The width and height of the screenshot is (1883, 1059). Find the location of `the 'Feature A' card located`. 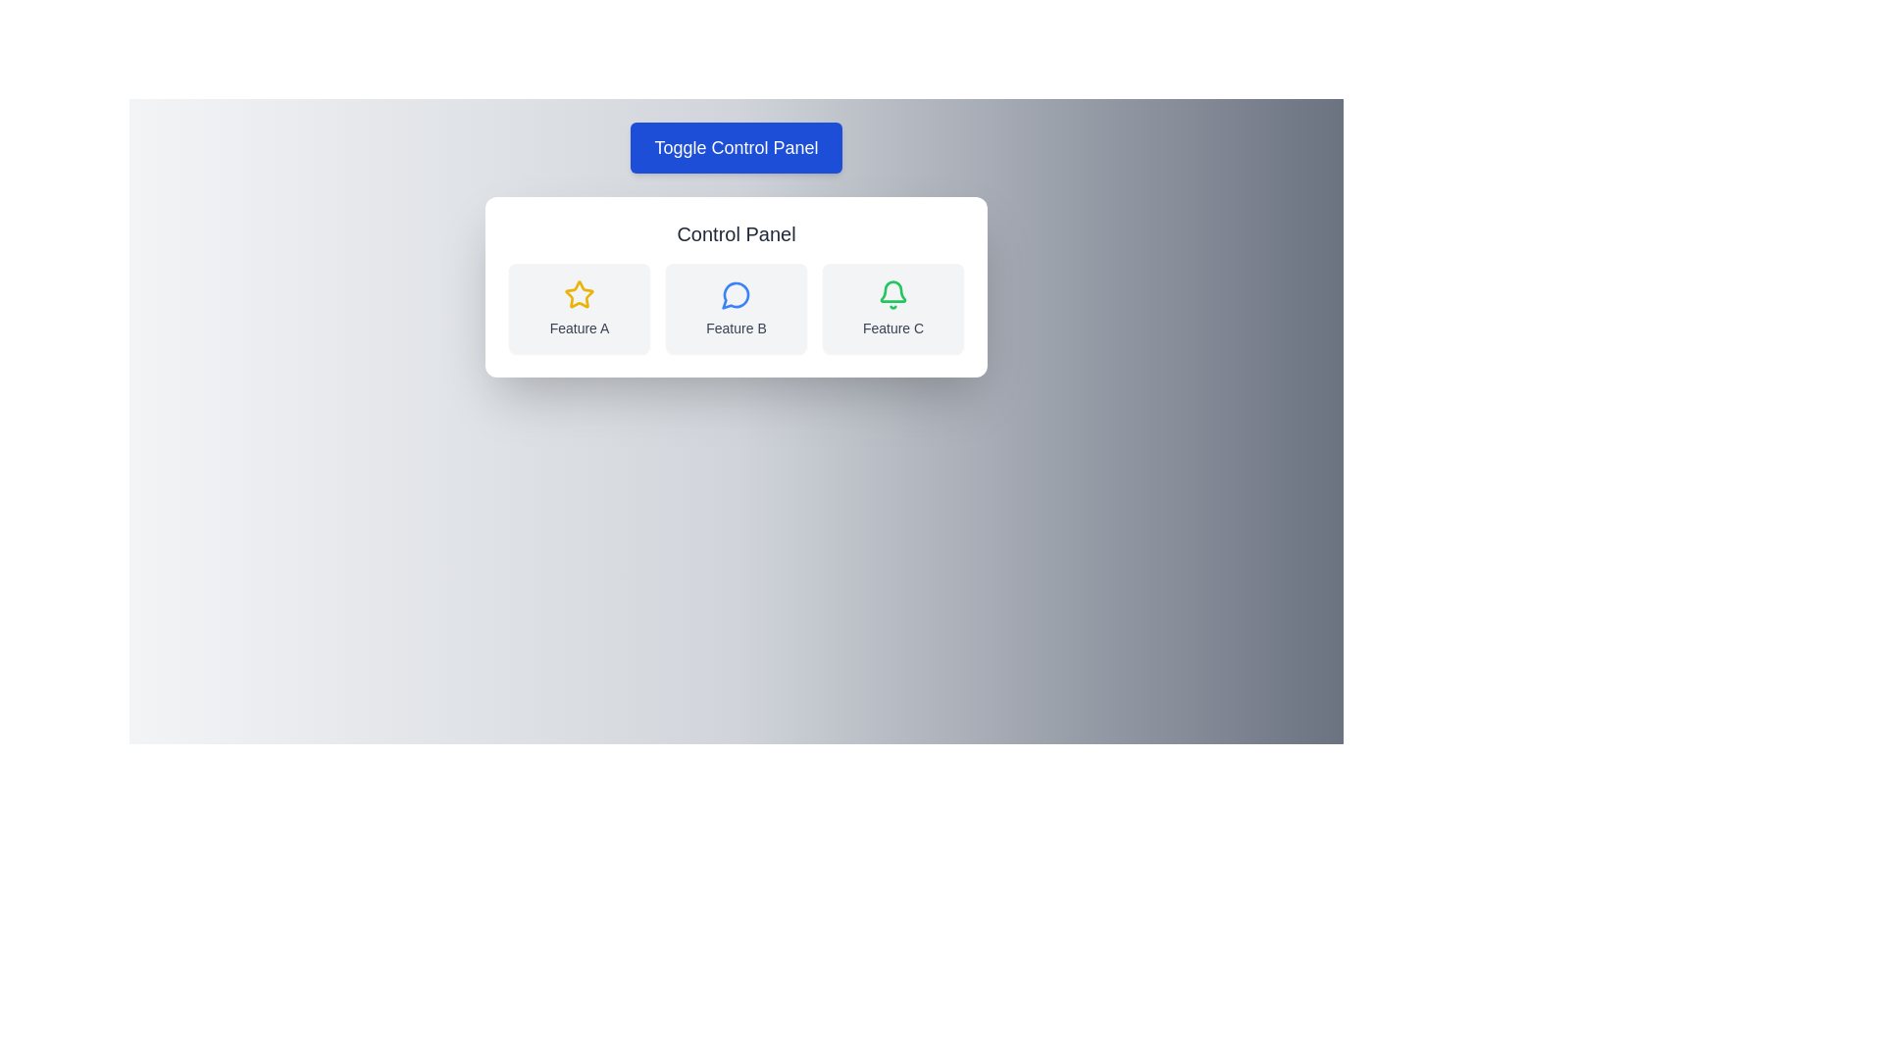

the 'Feature A' card located is located at coordinates (578, 309).